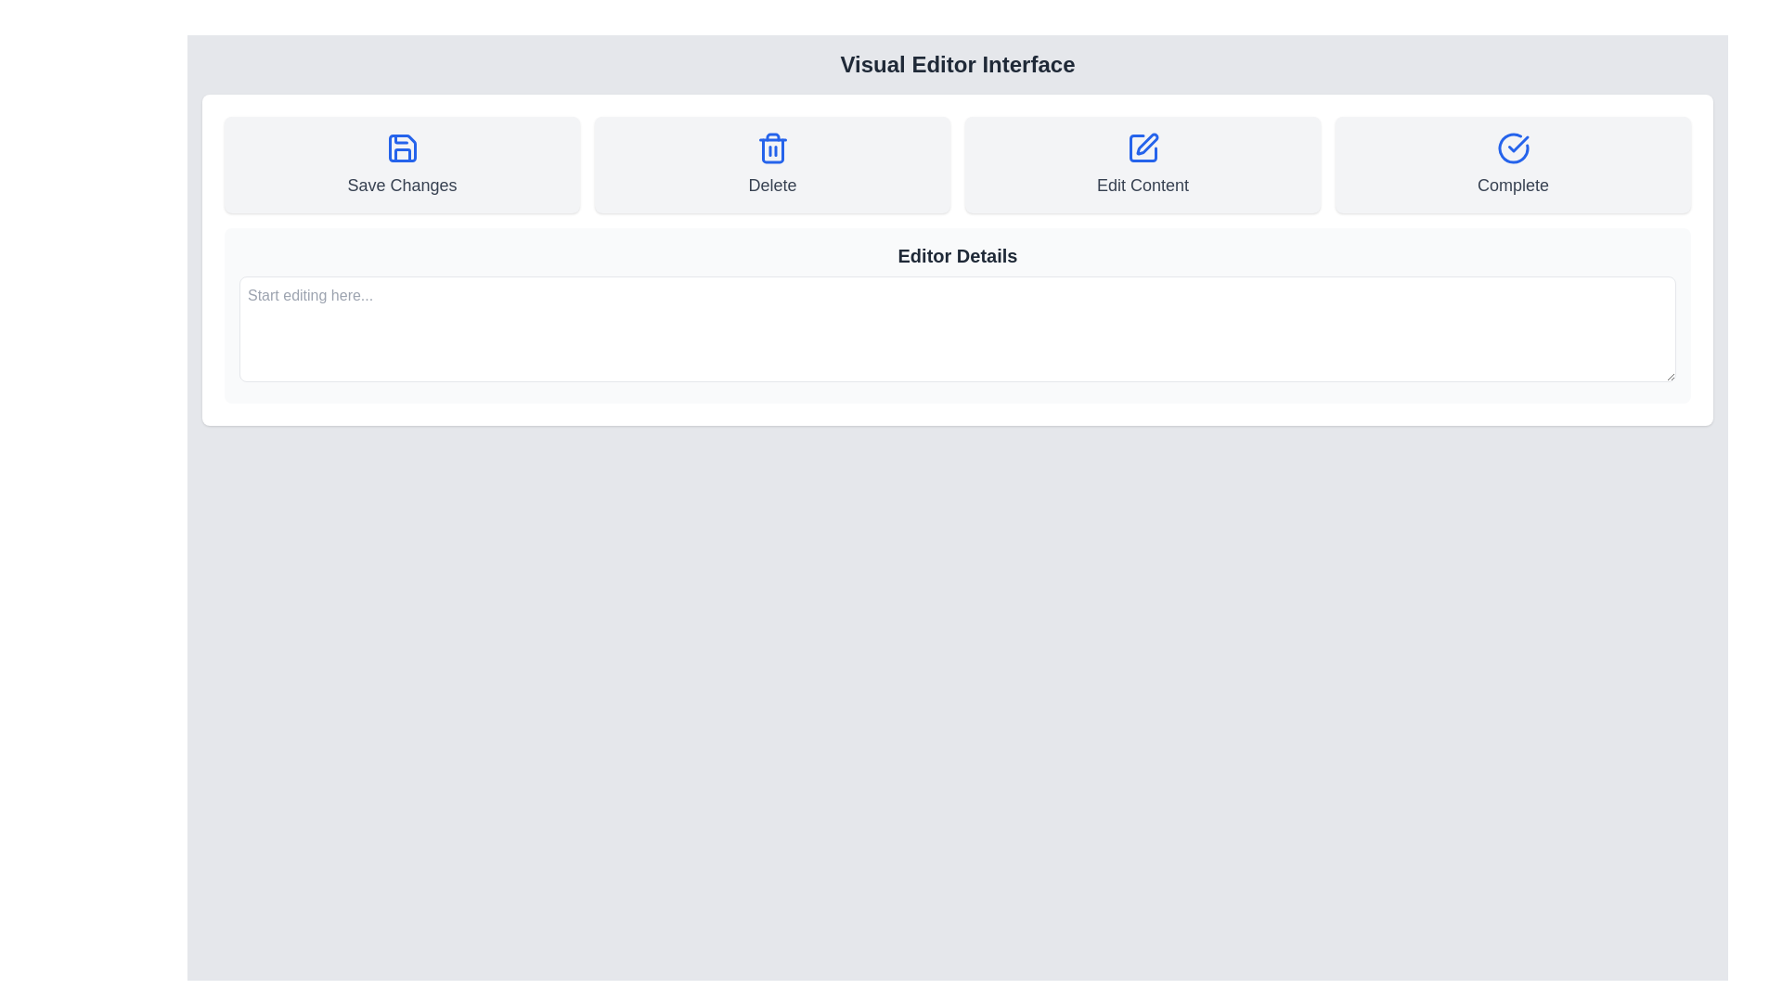  I want to click on the first button in the four-button grid, which is labeled 'Save Changes', so click(401, 163).